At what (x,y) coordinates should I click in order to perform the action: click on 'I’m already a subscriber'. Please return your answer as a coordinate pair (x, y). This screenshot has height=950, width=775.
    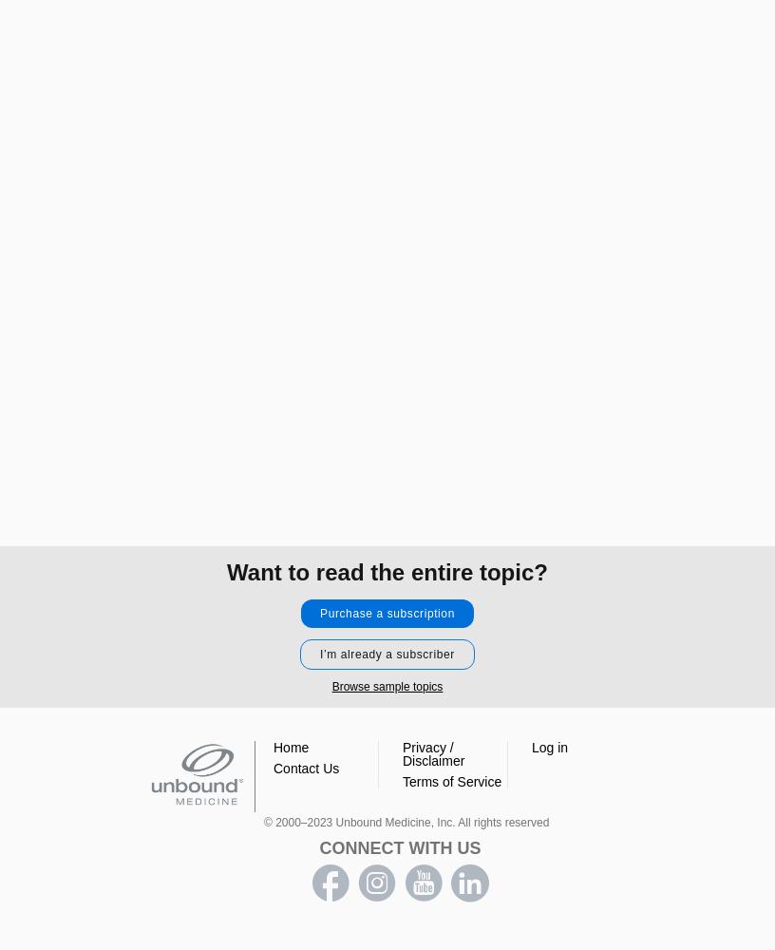
    Looking at the image, I should click on (387, 654).